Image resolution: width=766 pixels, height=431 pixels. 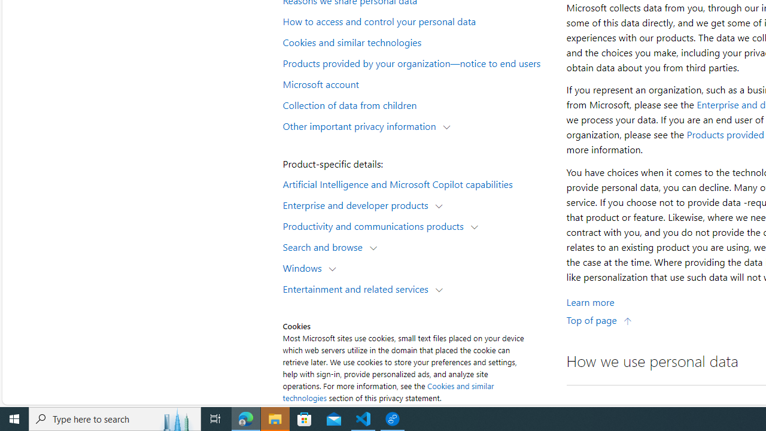 I want to click on 'Collection of data from children', so click(x=417, y=104).